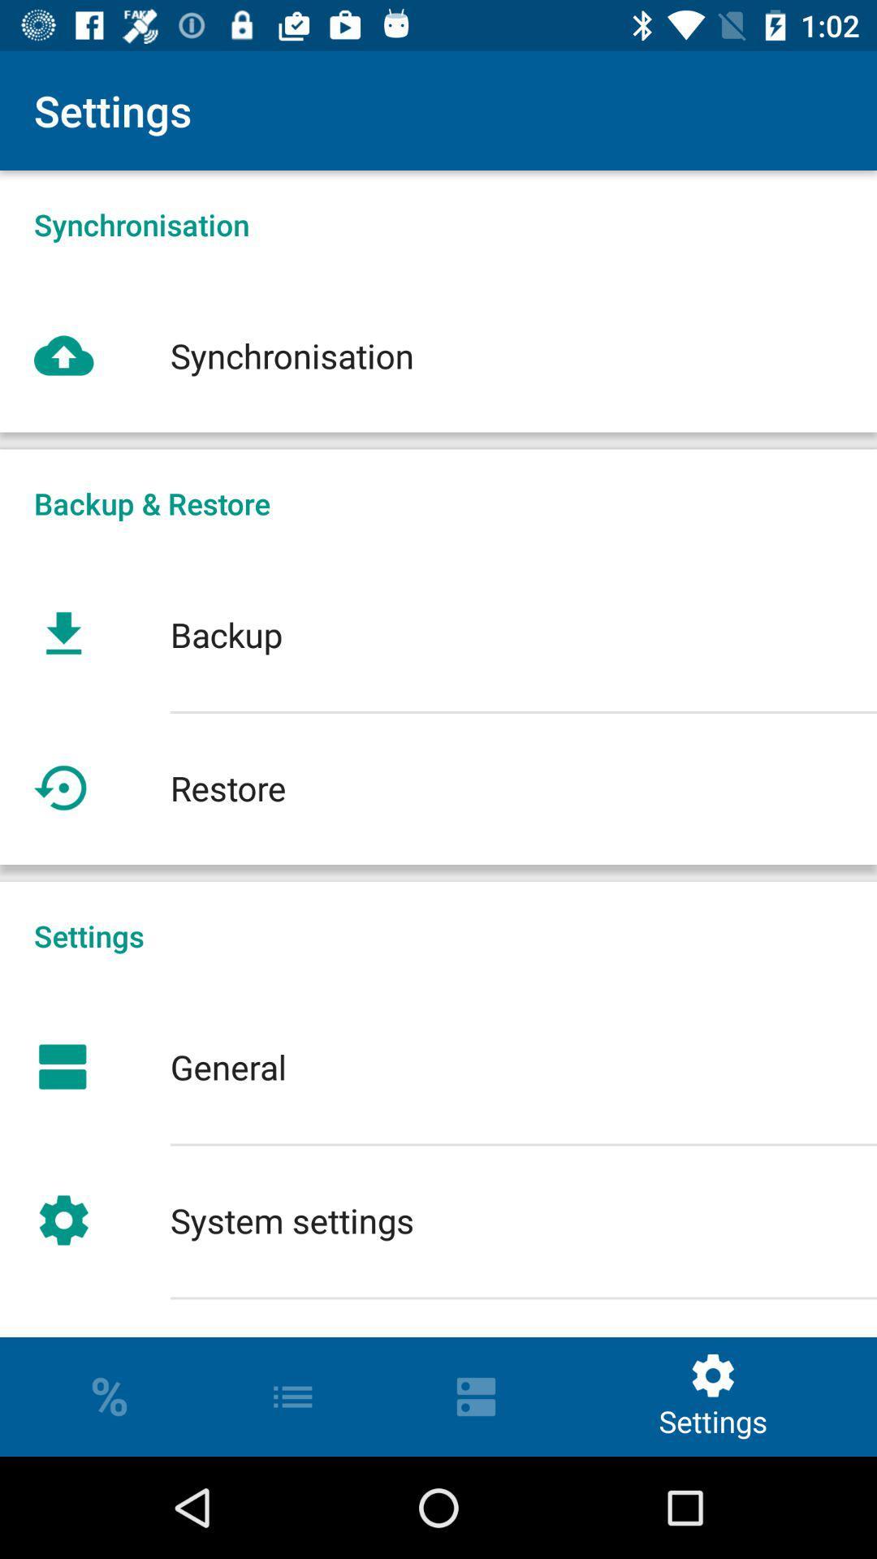 This screenshot has width=877, height=1559. What do you see at coordinates (438, 1317) in the screenshot?
I see `the sort order settings` at bounding box center [438, 1317].